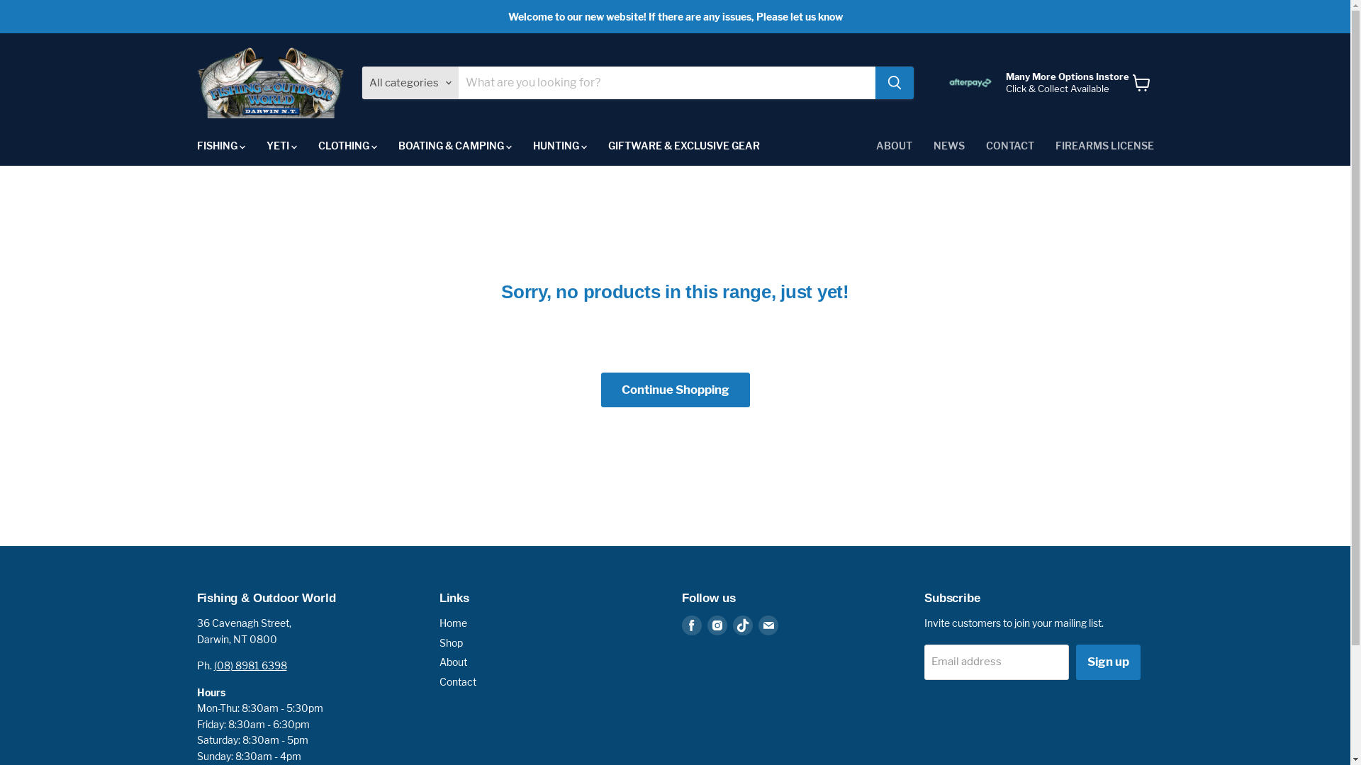  I want to click on 'FIREARMS LICENSE', so click(1104, 145).